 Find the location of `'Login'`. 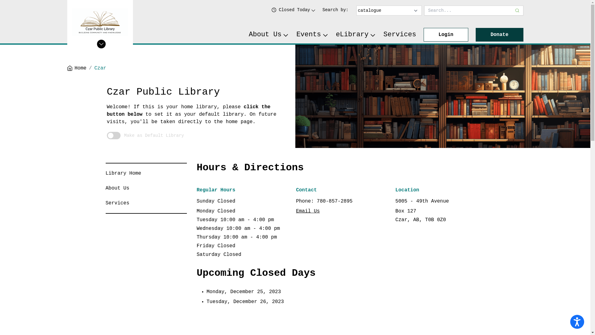

'Login' is located at coordinates (446, 34).